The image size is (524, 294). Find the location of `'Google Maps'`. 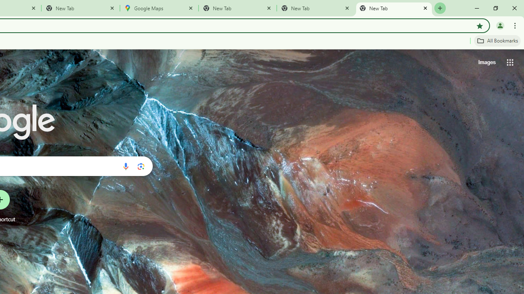

'Google Maps' is located at coordinates (159, 8).